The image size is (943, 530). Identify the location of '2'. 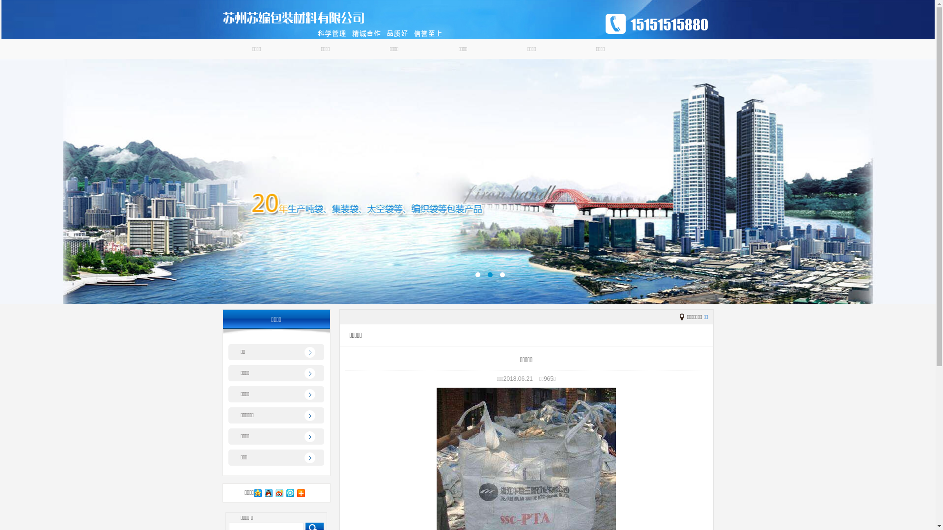
(490, 274).